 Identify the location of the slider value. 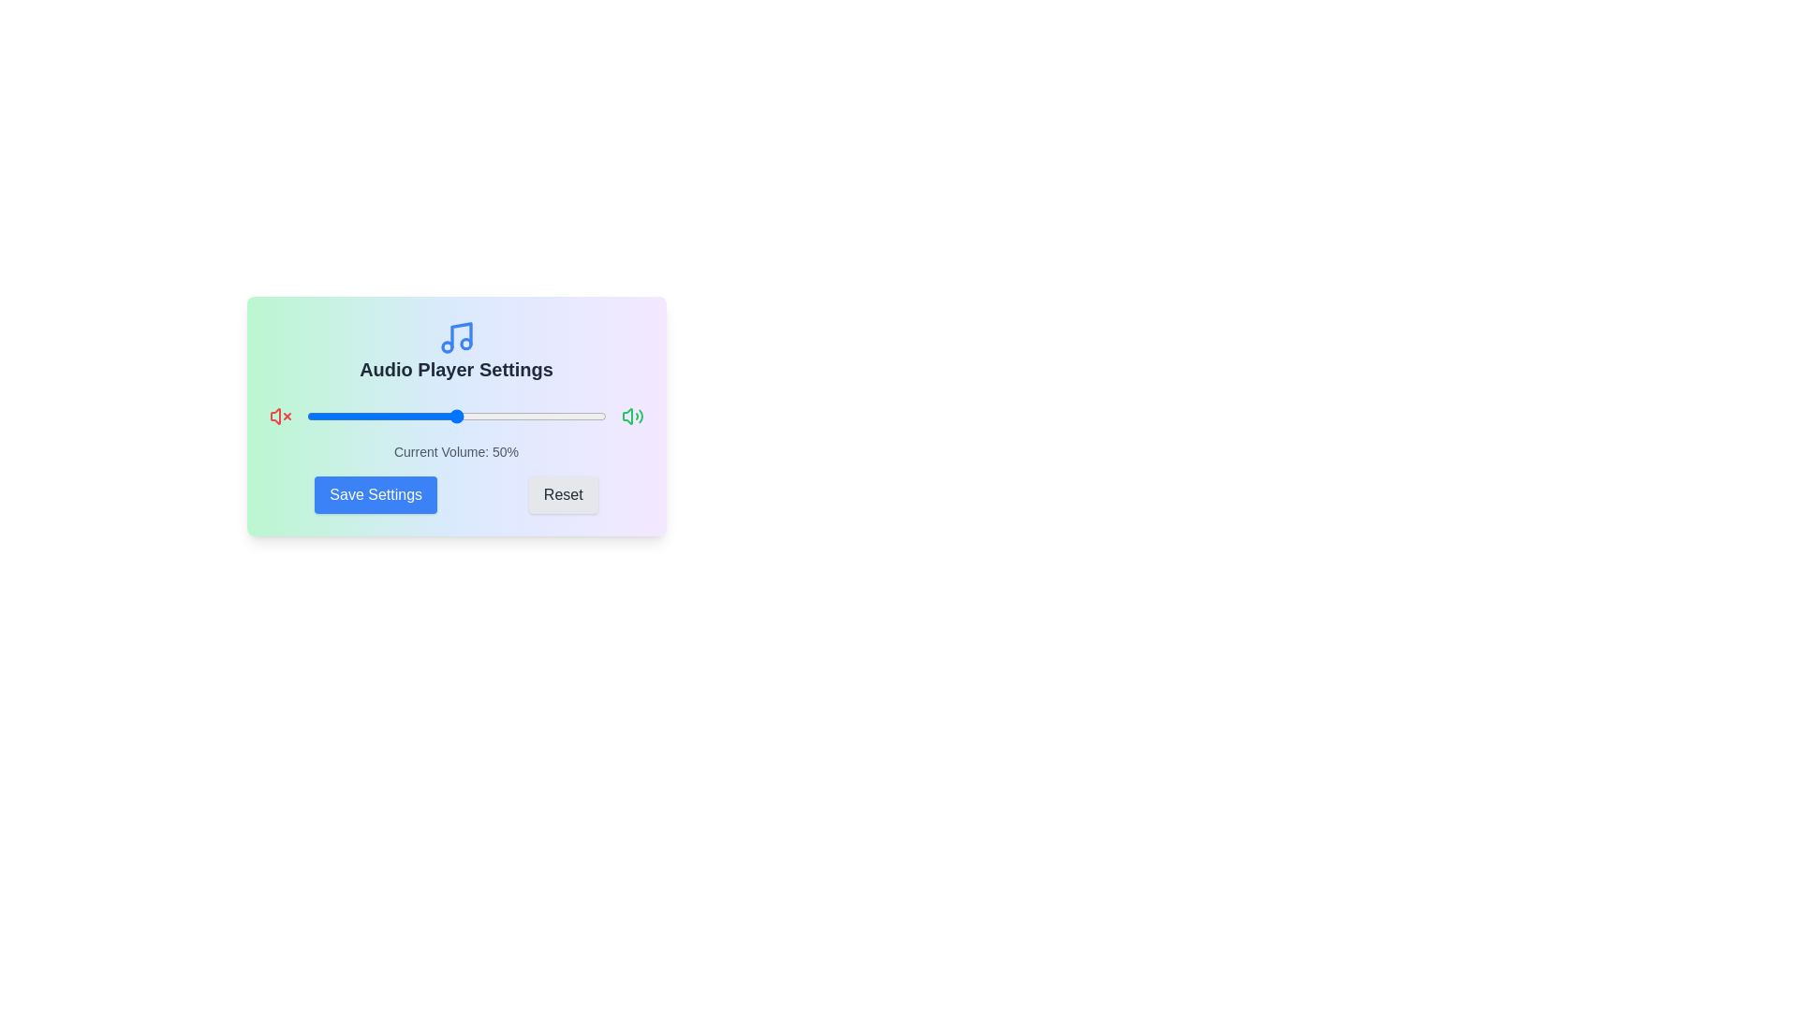
(593, 415).